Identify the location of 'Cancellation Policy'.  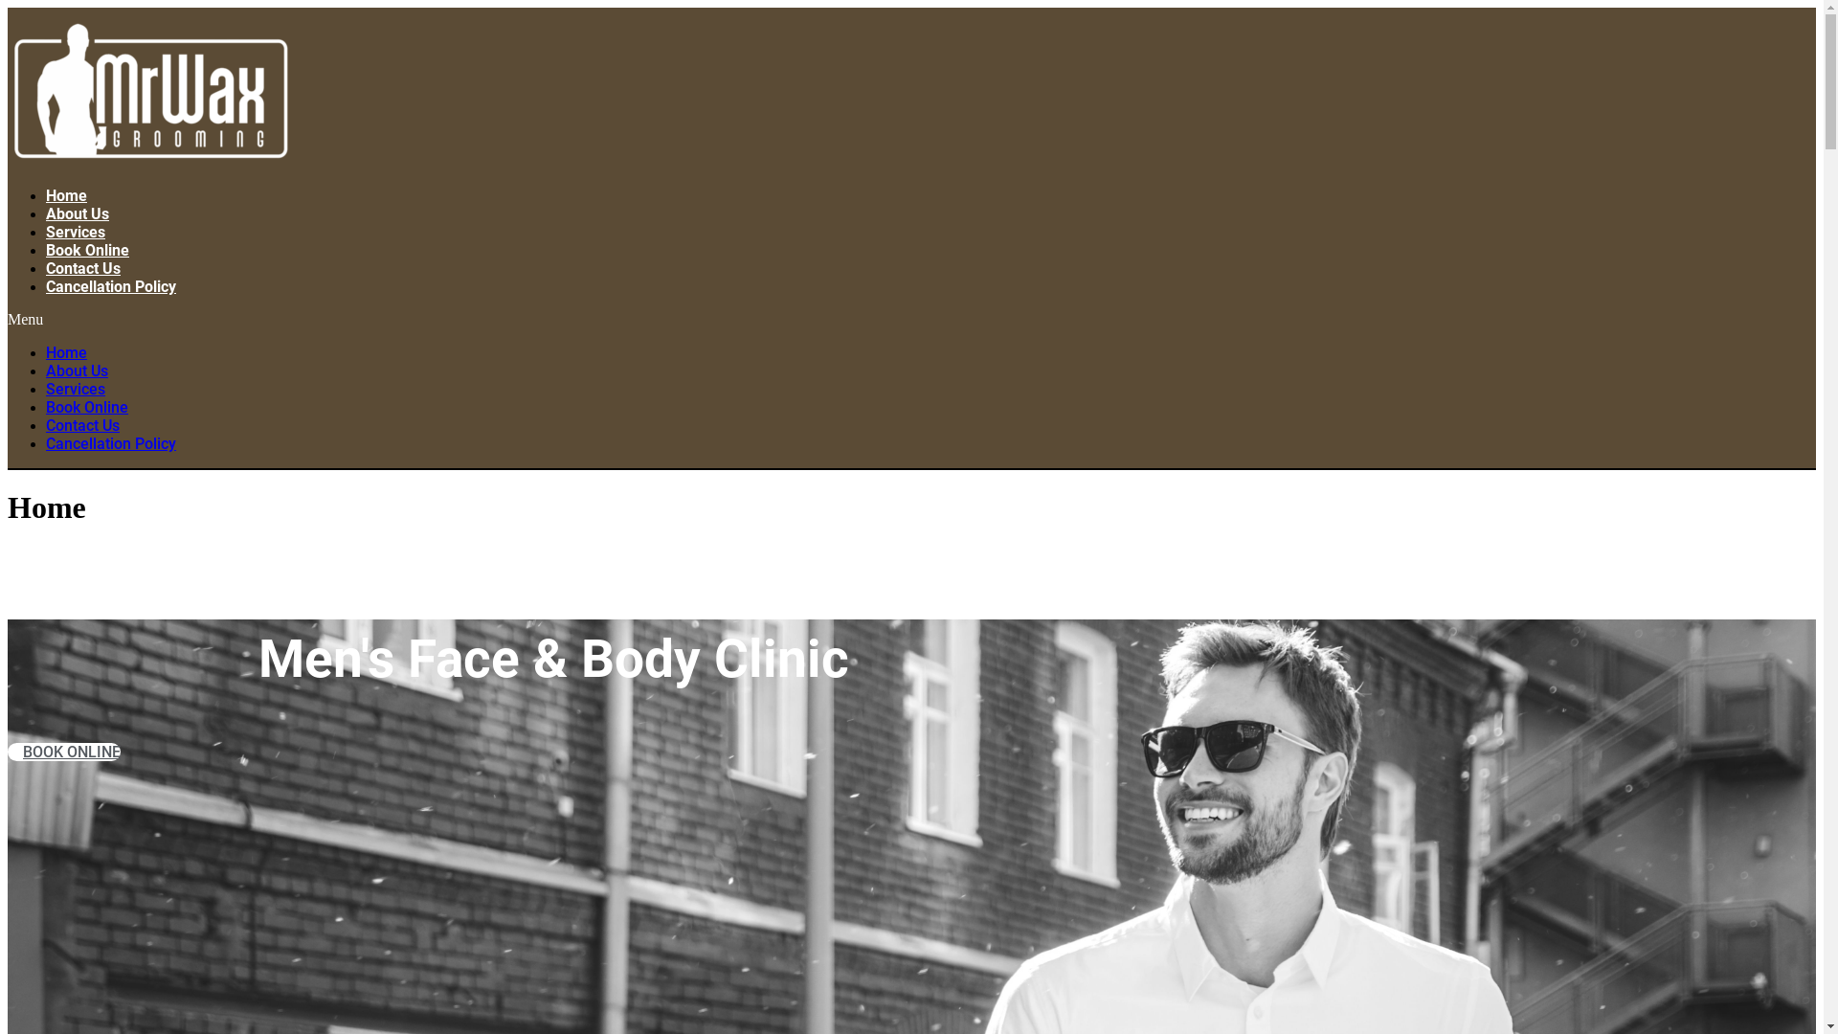
(109, 286).